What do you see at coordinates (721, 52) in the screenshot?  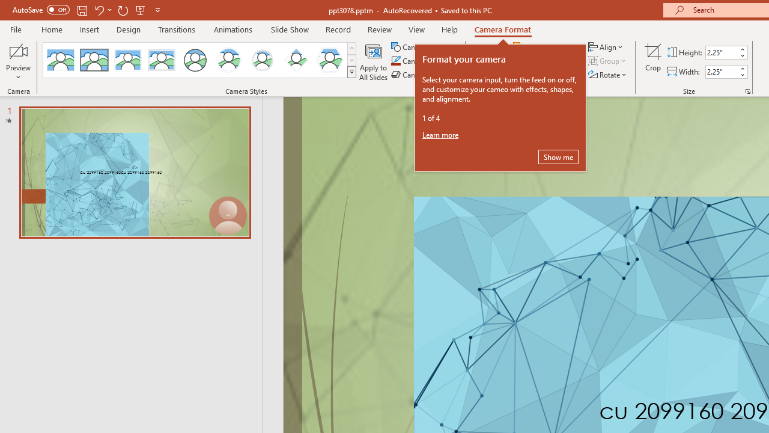 I see `'Cameo Height'` at bounding box center [721, 52].